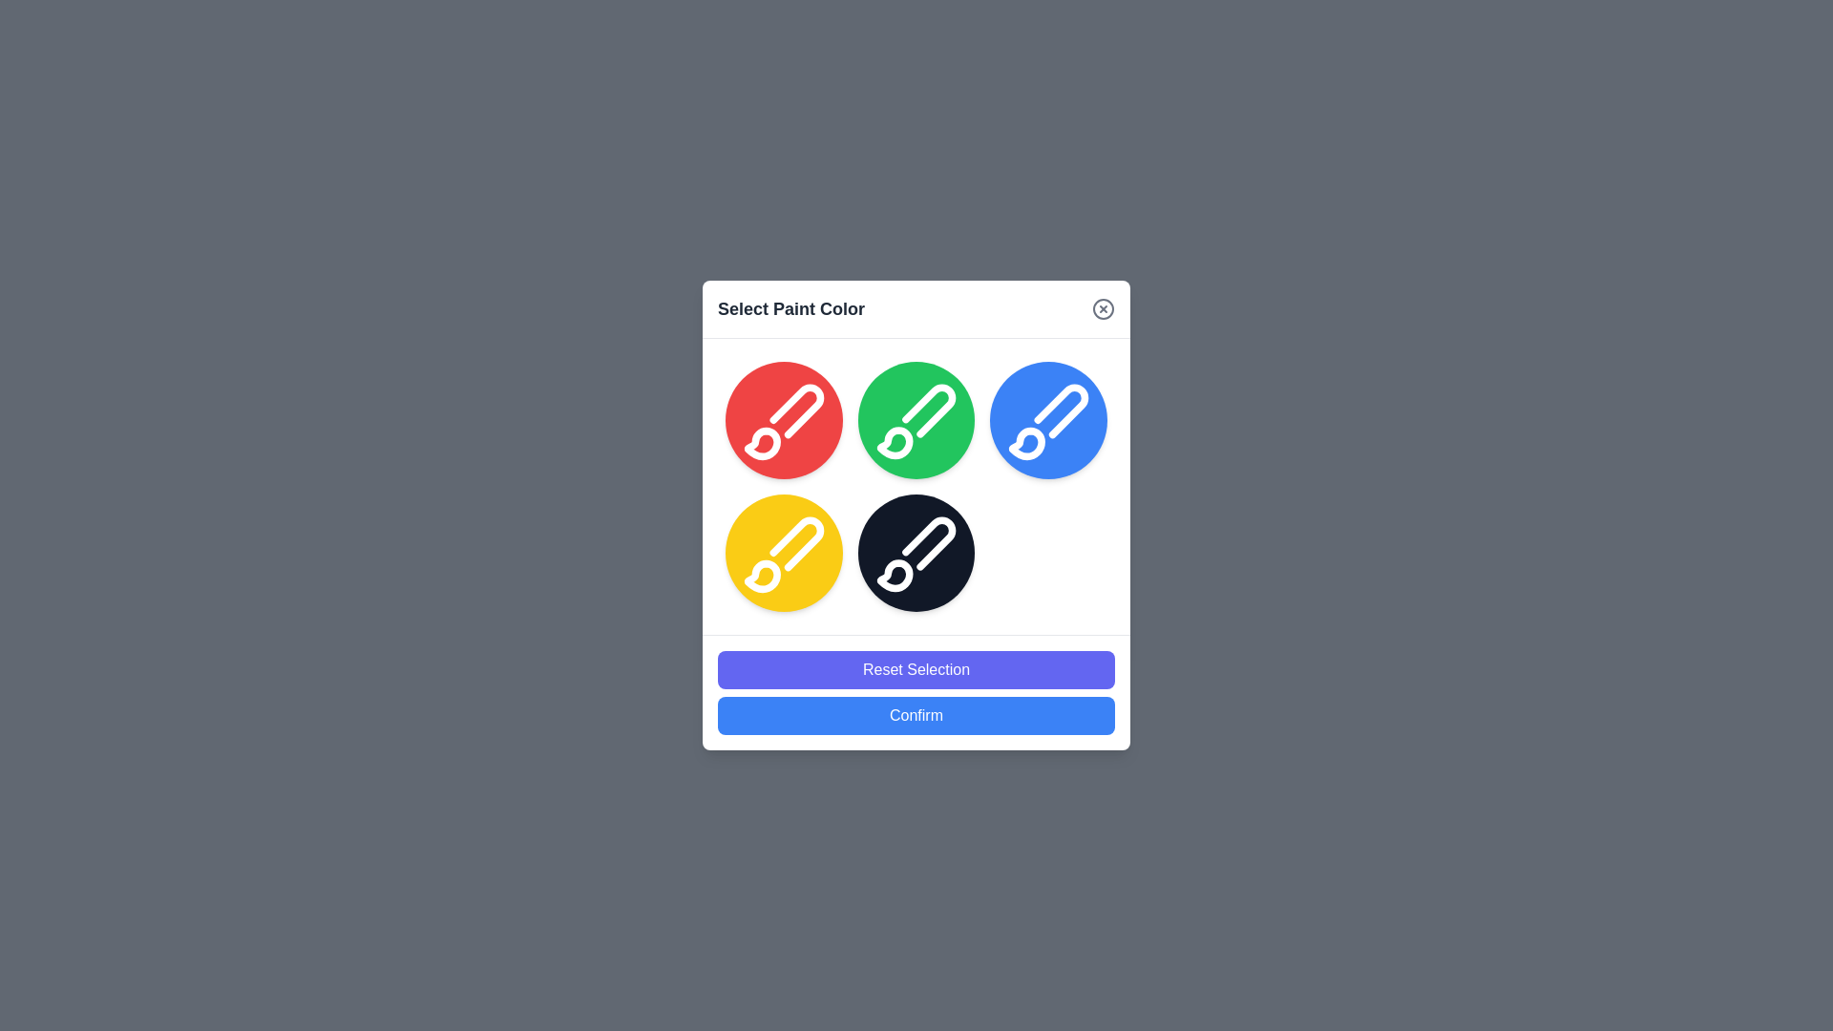 The height and width of the screenshot is (1031, 1833). Describe the element at coordinates (783, 418) in the screenshot. I see `the color circle corresponding to red` at that location.